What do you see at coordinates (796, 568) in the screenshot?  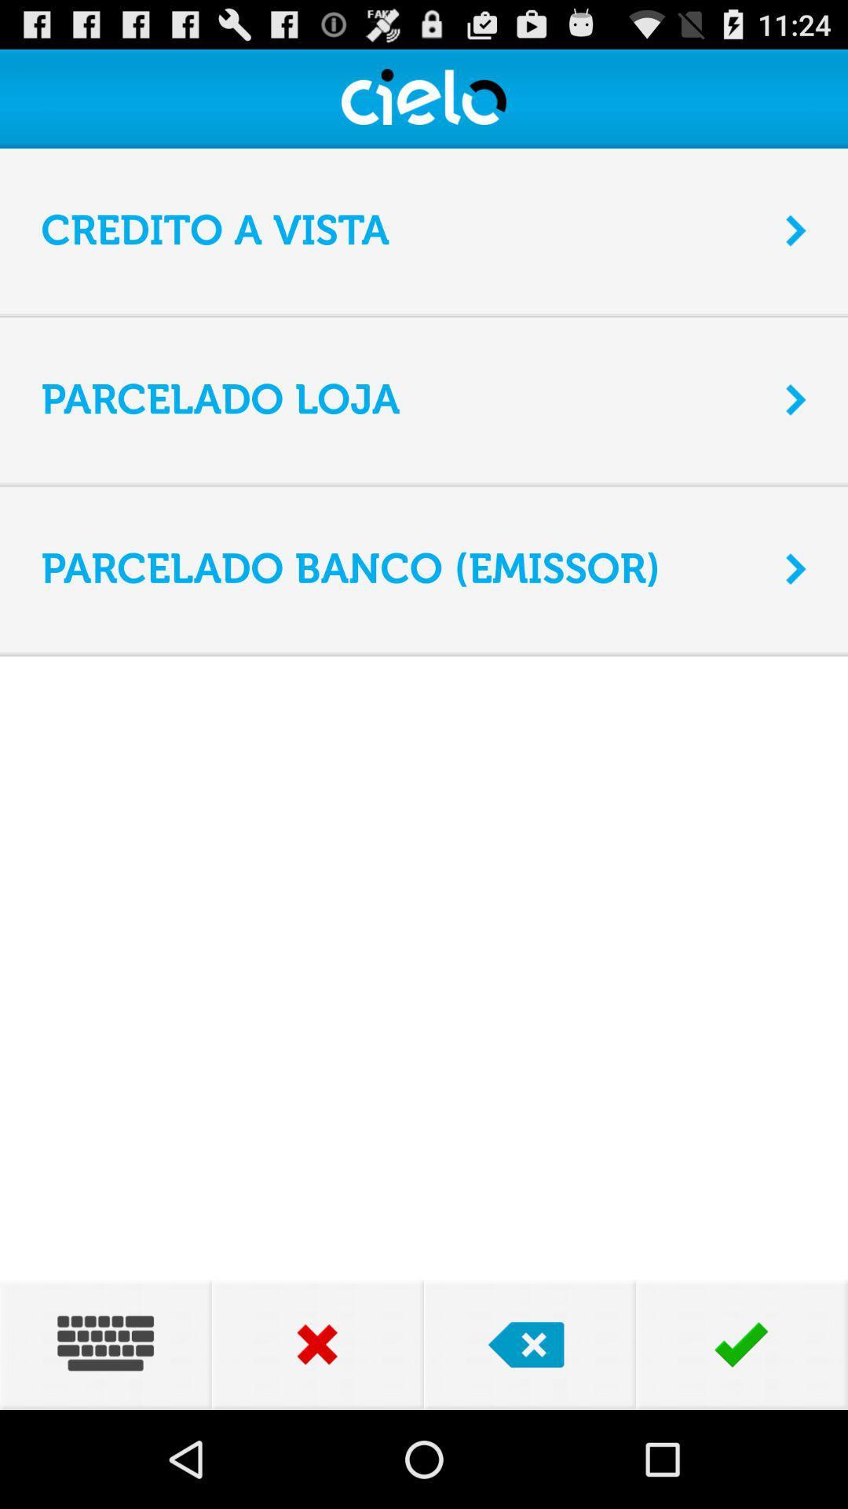 I see `icon on the right` at bounding box center [796, 568].